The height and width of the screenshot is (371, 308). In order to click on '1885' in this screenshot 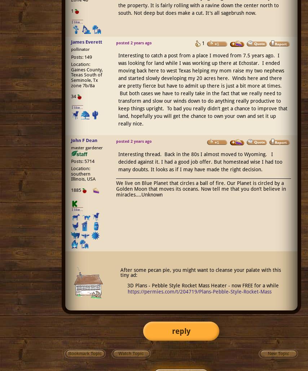, I will do `click(75, 190)`.